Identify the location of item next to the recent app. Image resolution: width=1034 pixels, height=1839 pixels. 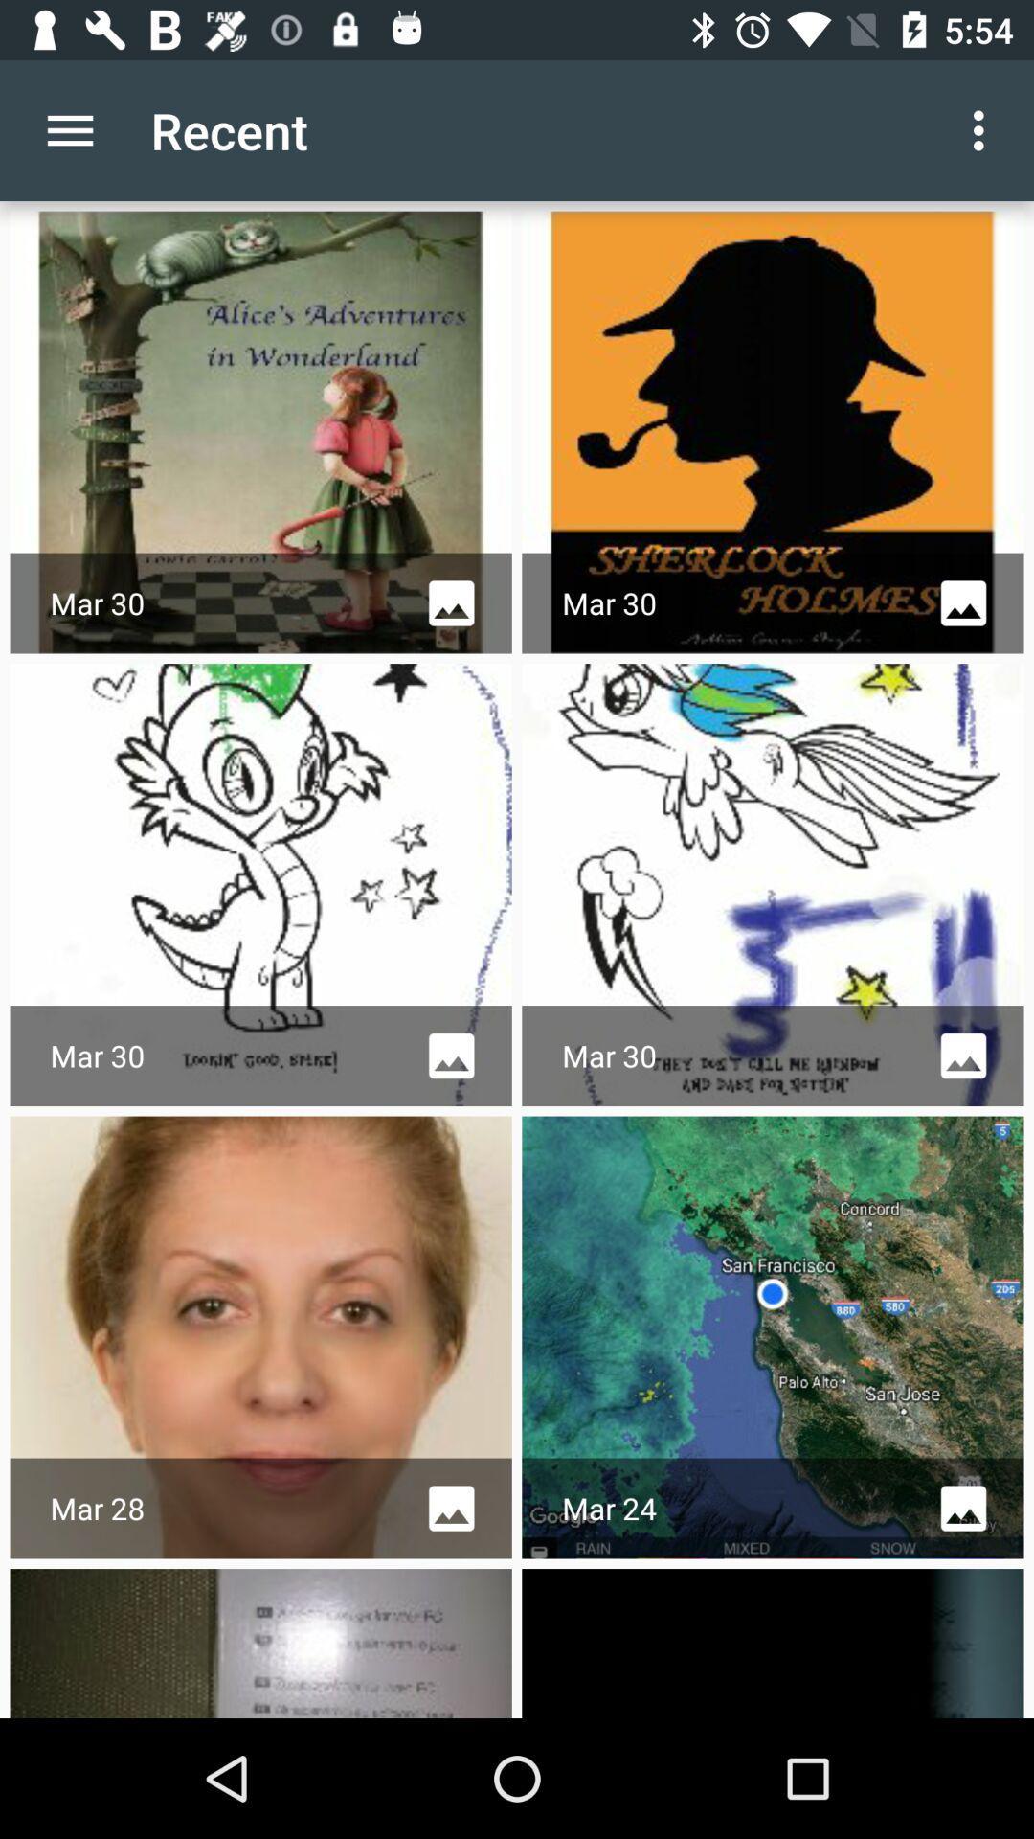
(983, 129).